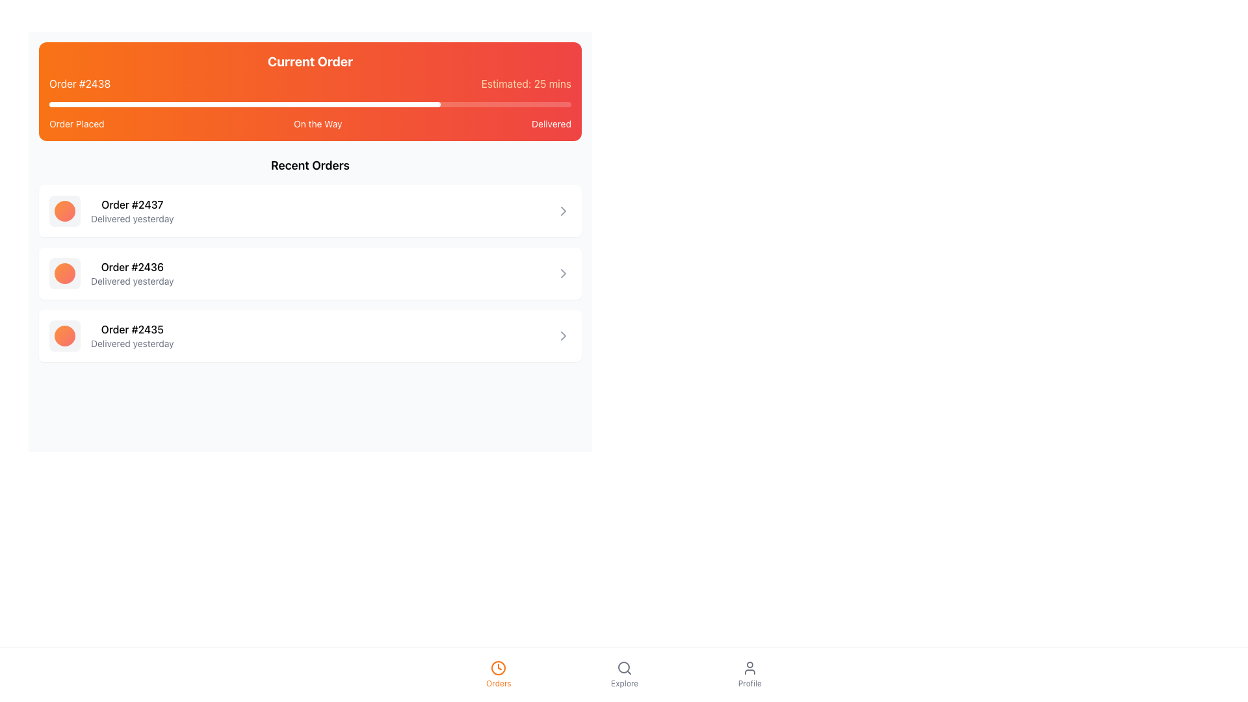  What do you see at coordinates (564, 335) in the screenshot?
I see `the gray chevron-right icon, which is a triangular-shaped SVG vector graphic located to the right of the last item in the list of recent orders` at bounding box center [564, 335].